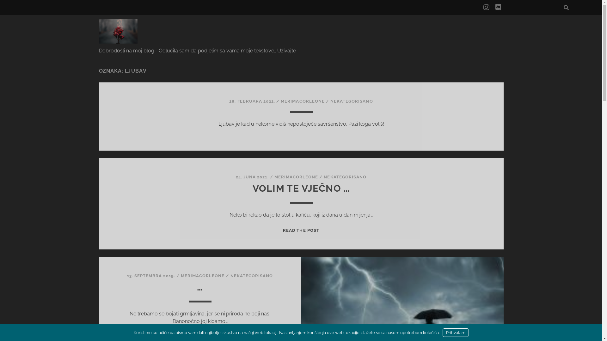 The height and width of the screenshot is (341, 607). Describe the element at coordinates (498, 7) in the screenshot. I see `'discord'` at that location.